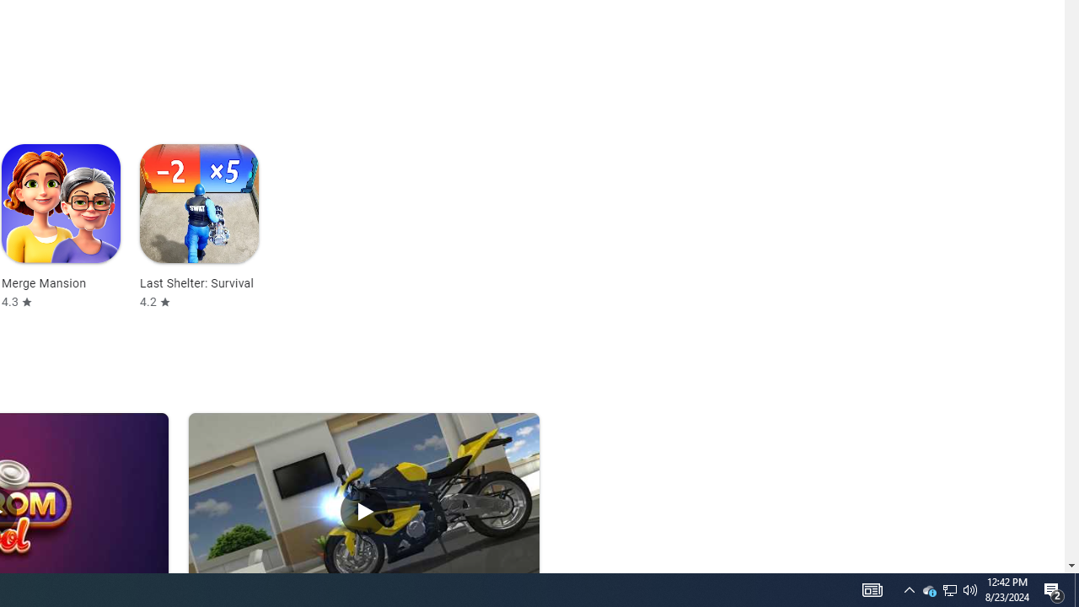 The height and width of the screenshot is (607, 1079). Describe the element at coordinates (61, 226) in the screenshot. I see `'Merge Mansion Rated 4.3 stars out of five stars'` at that location.